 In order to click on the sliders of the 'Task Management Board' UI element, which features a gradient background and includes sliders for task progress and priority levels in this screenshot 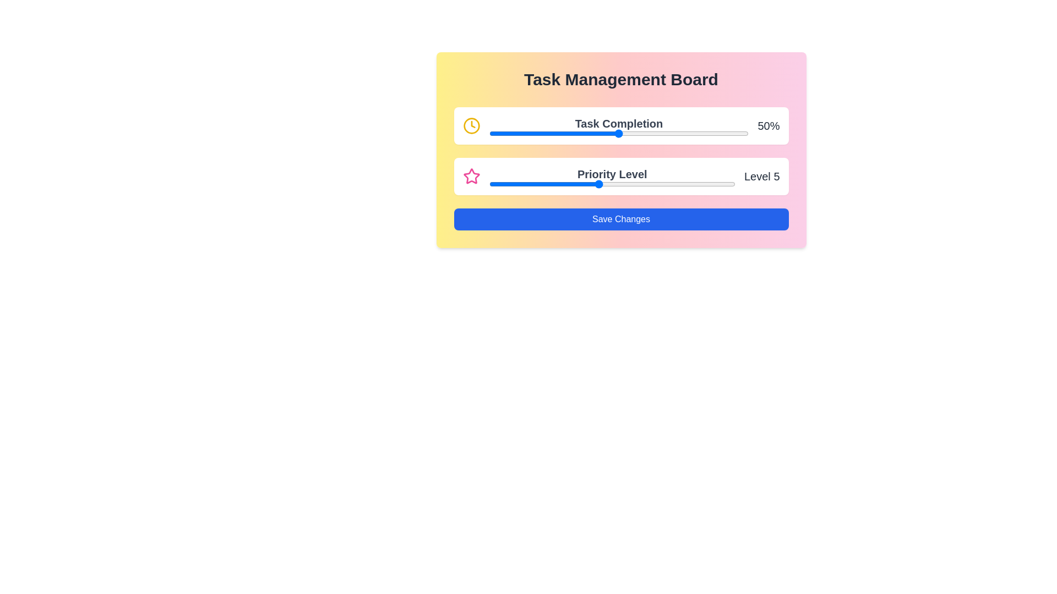, I will do `click(621, 150)`.